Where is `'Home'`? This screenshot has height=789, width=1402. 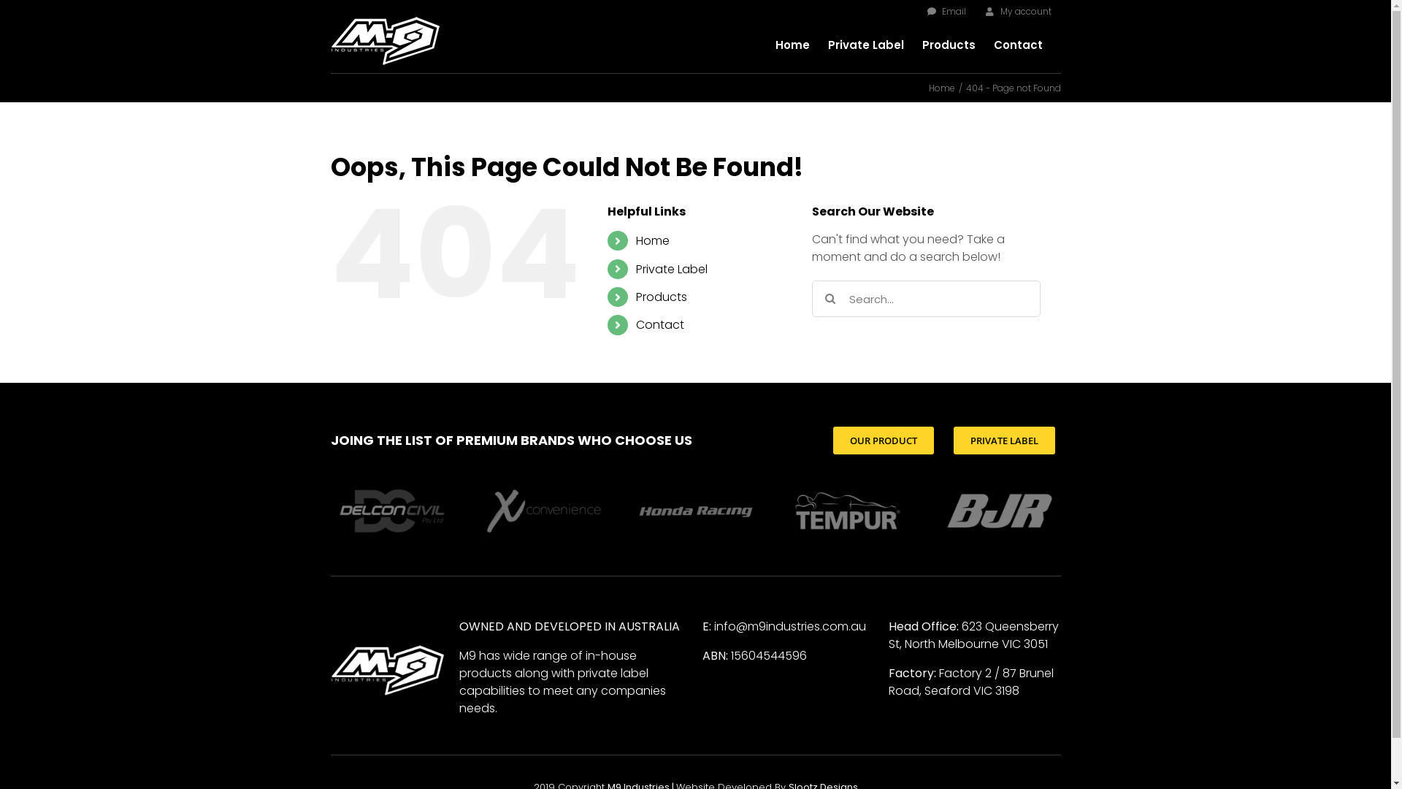
'Home' is located at coordinates (942, 88).